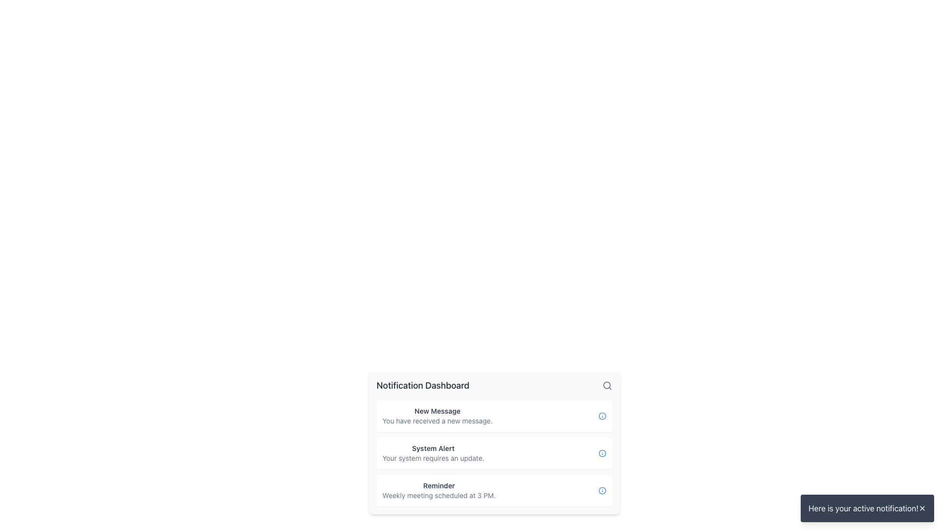  What do you see at coordinates (922, 508) in the screenshot?
I see `the small 'X' icon button located at the far-right end of the dark gray notification pop-up` at bounding box center [922, 508].